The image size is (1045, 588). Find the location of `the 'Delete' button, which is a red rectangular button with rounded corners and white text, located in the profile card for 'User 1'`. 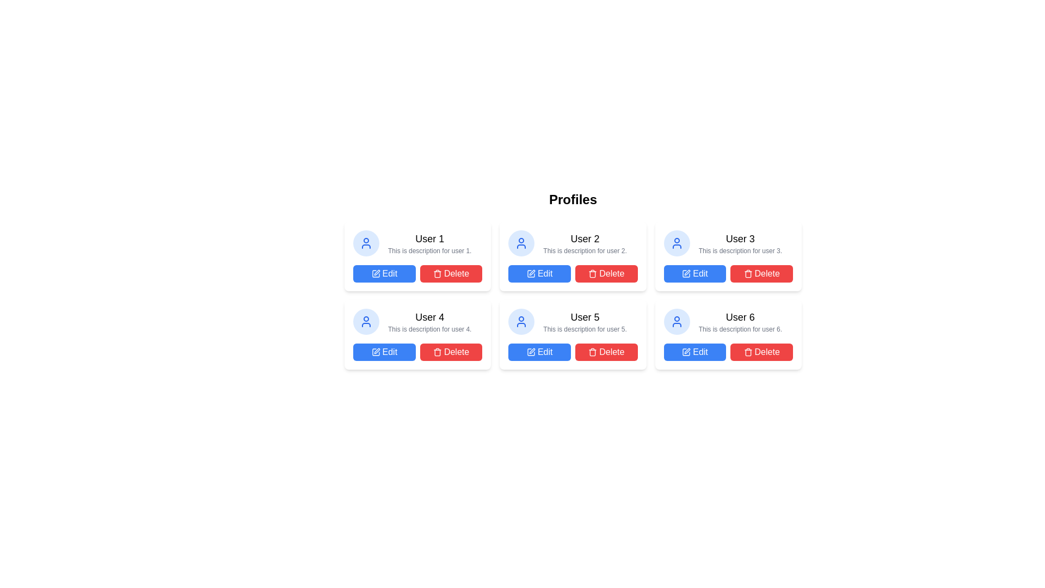

the 'Delete' button, which is a red rectangular button with rounded corners and white text, located in the profile card for 'User 1' is located at coordinates (451, 273).